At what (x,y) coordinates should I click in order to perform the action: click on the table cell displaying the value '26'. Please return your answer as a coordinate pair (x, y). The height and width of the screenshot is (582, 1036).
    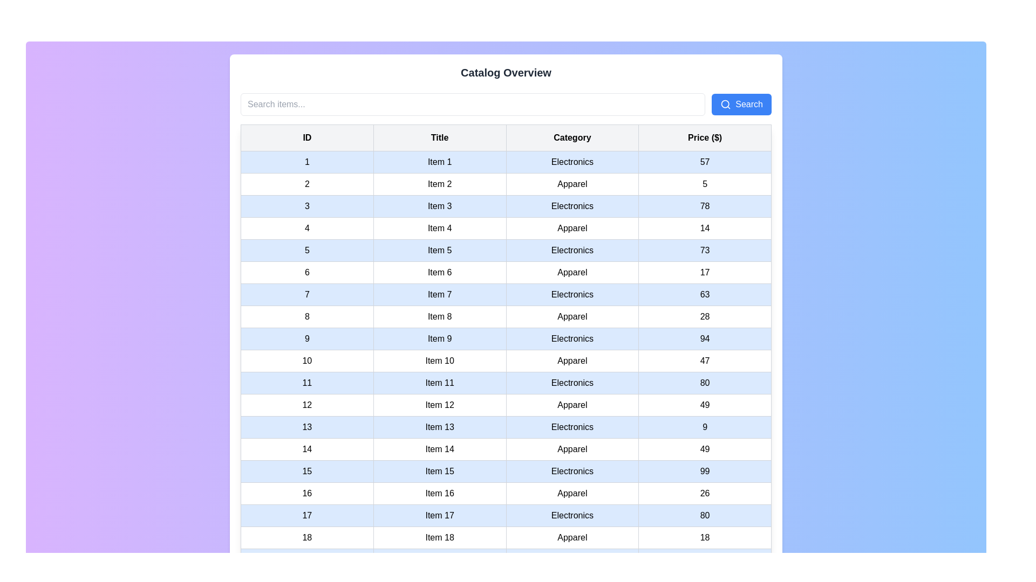
    Looking at the image, I should click on (705, 493).